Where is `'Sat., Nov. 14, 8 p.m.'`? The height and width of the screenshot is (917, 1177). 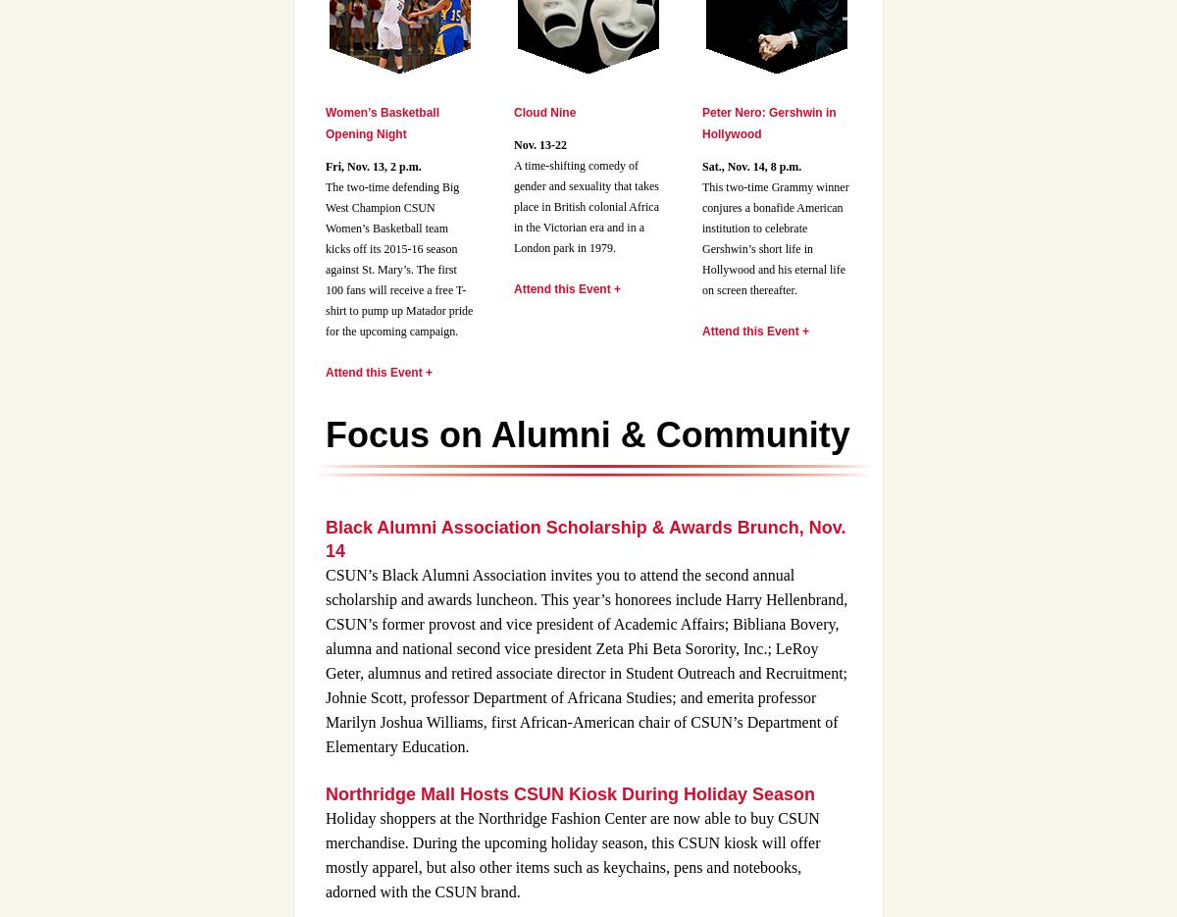
'Sat., Nov. 14, 8 p.m.' is located at coordinates (750, 166).